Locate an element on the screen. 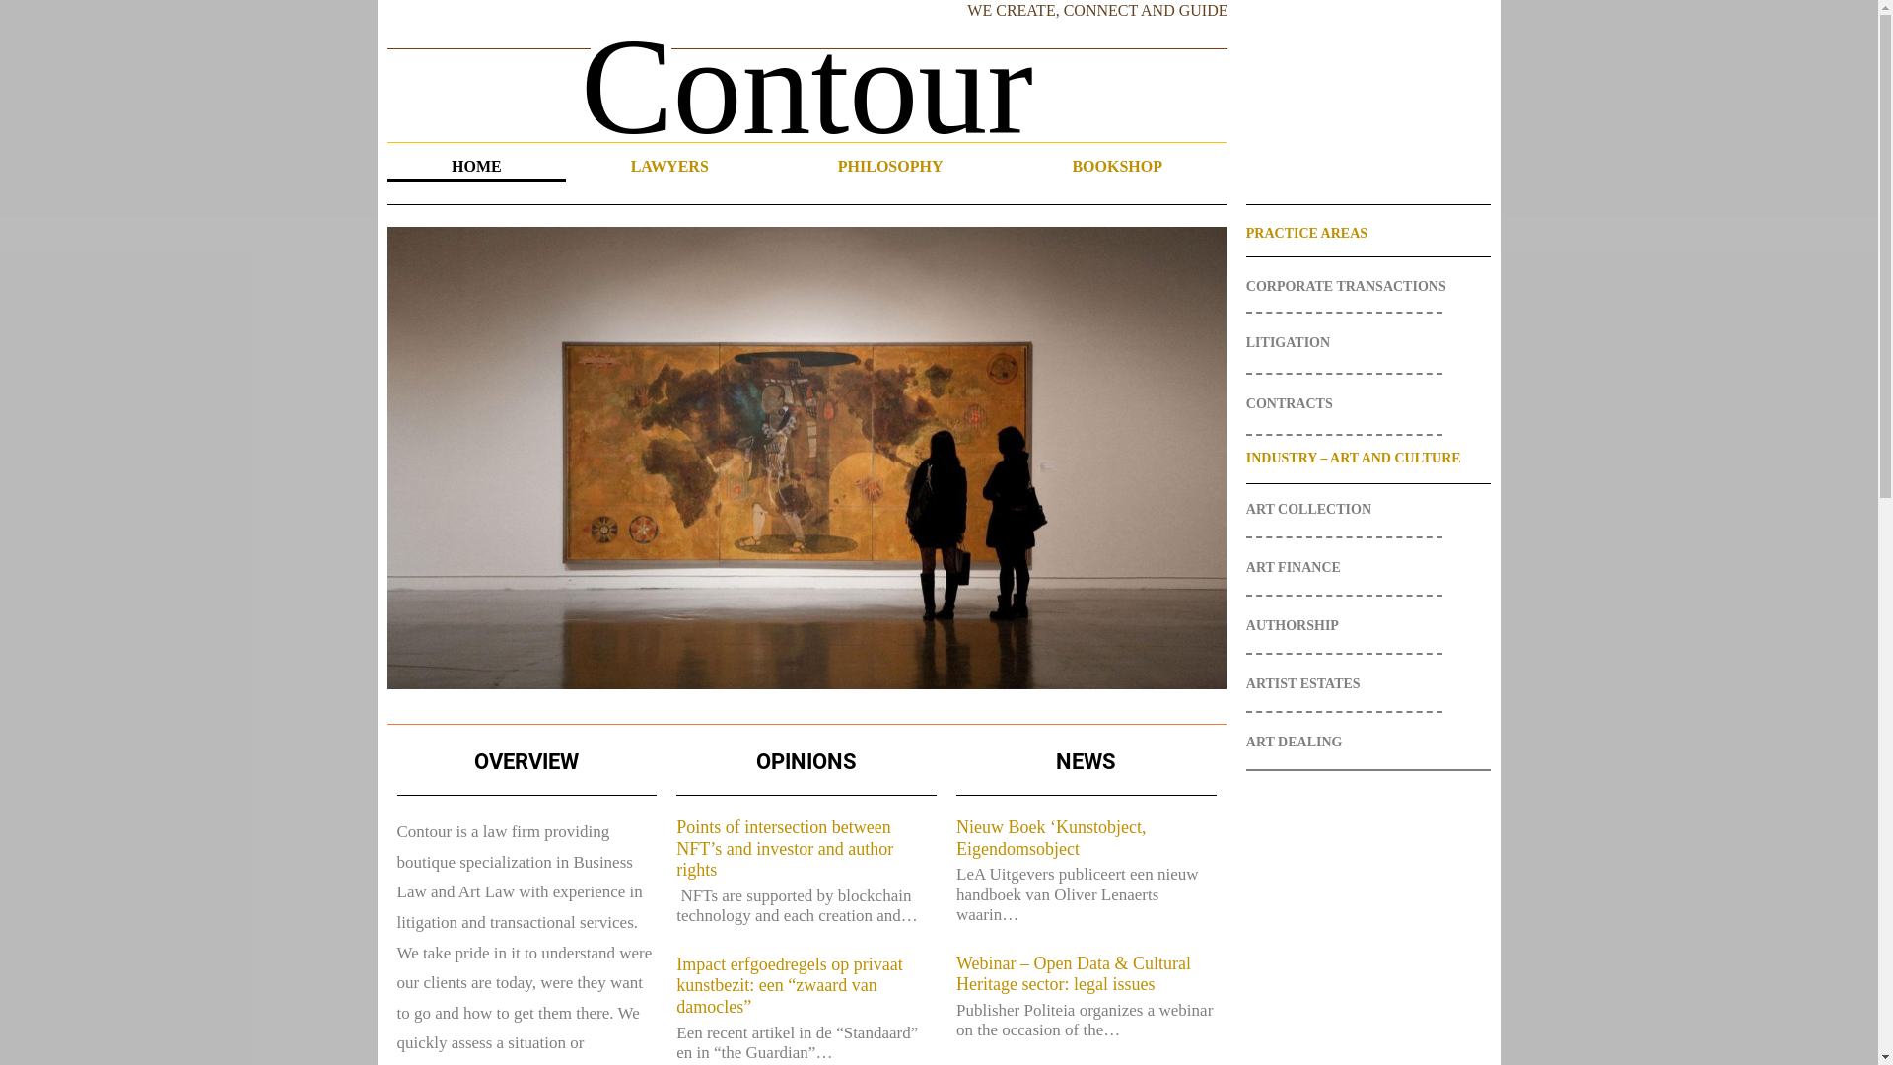  'ART COLLECTION' is located at coordinates (1367, 508).